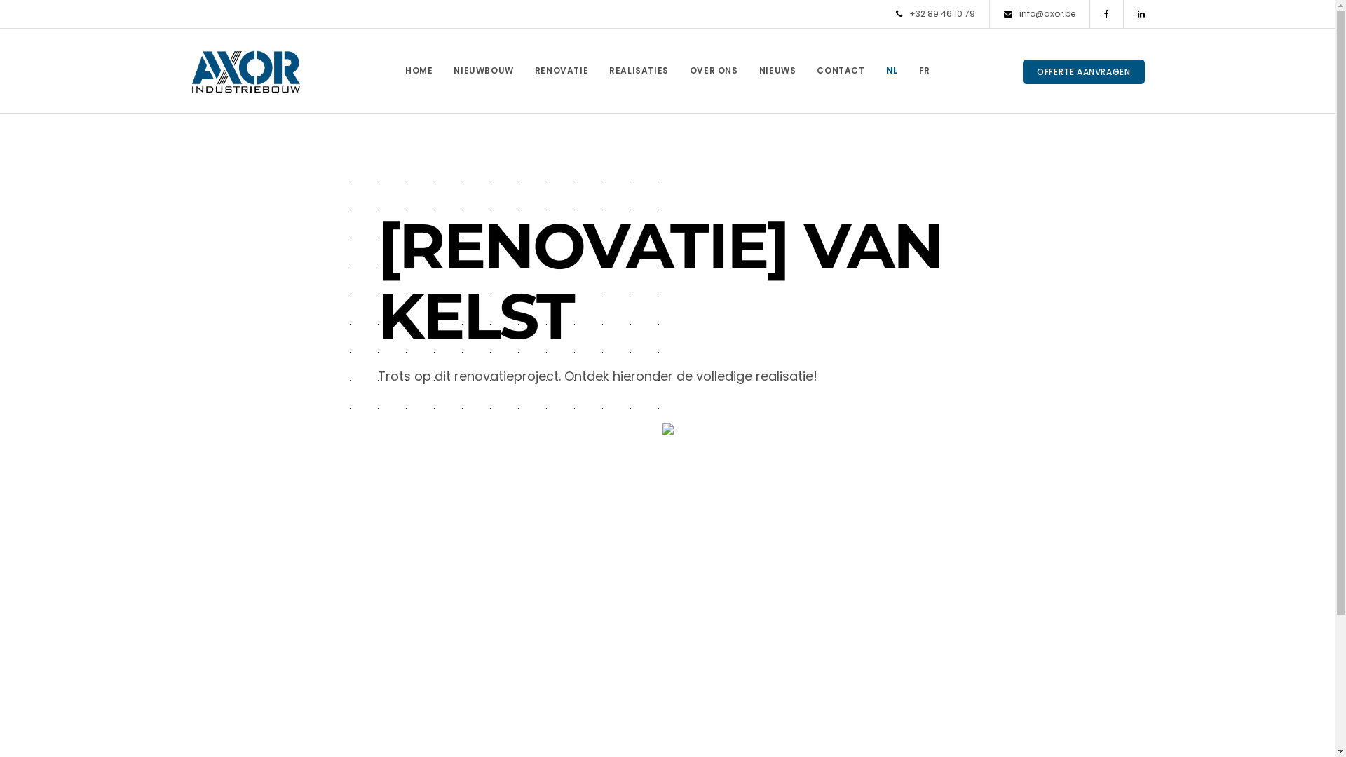 The image size is (1346, 757). What do you see at coordinates (777, 70) in the screenshot?
I see `'NIEUWS'` at bounding box center [777, 70].